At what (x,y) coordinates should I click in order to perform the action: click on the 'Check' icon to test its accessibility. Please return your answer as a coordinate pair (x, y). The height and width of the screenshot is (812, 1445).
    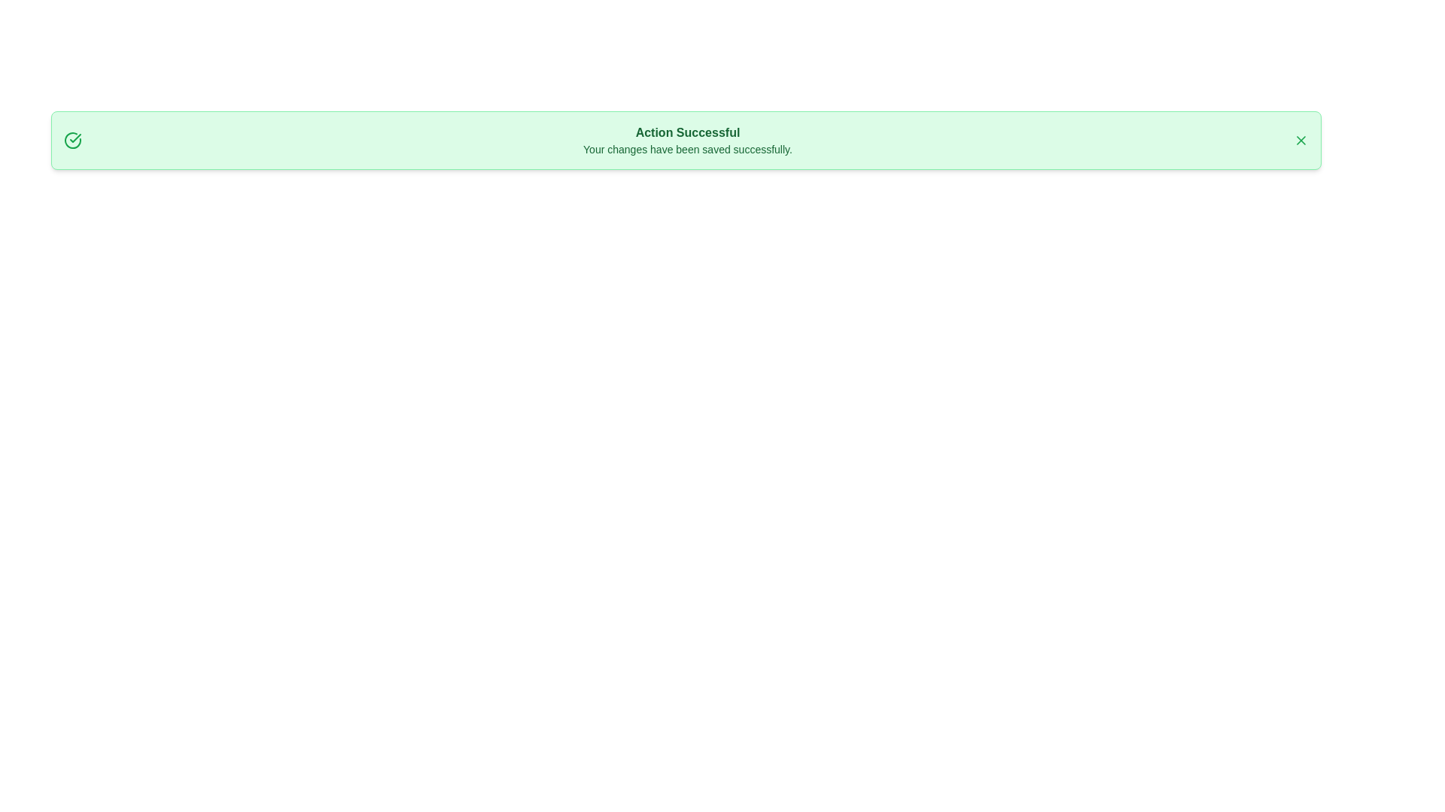
    Looking at the image, I should click on (71, 140).